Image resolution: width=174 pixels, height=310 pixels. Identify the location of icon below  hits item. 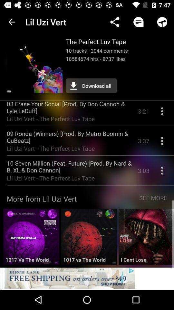
(91, 85).